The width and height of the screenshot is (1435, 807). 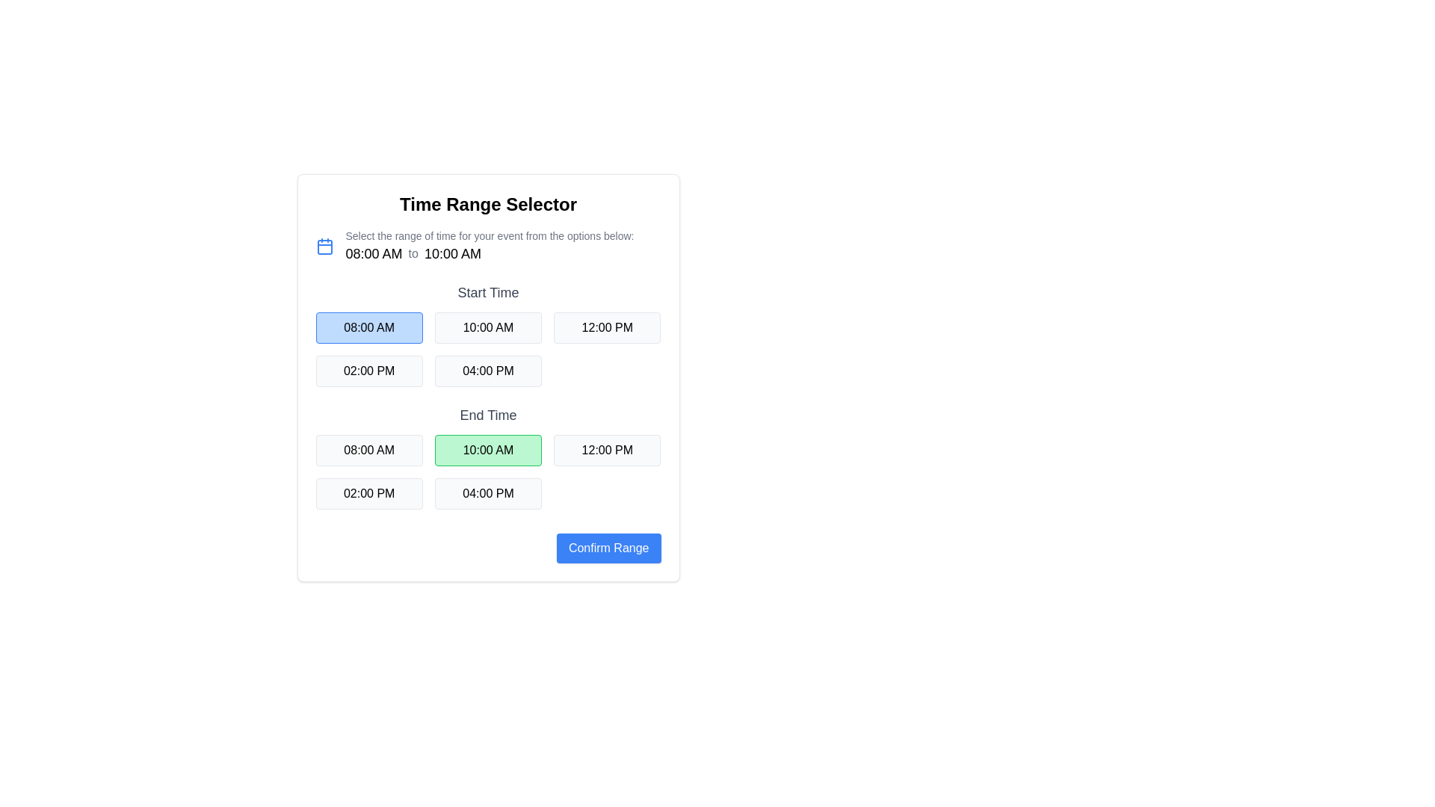 I want to click on the rectangular button with rounded corners displaying '10:00 AM', so click(x=488, y=449).